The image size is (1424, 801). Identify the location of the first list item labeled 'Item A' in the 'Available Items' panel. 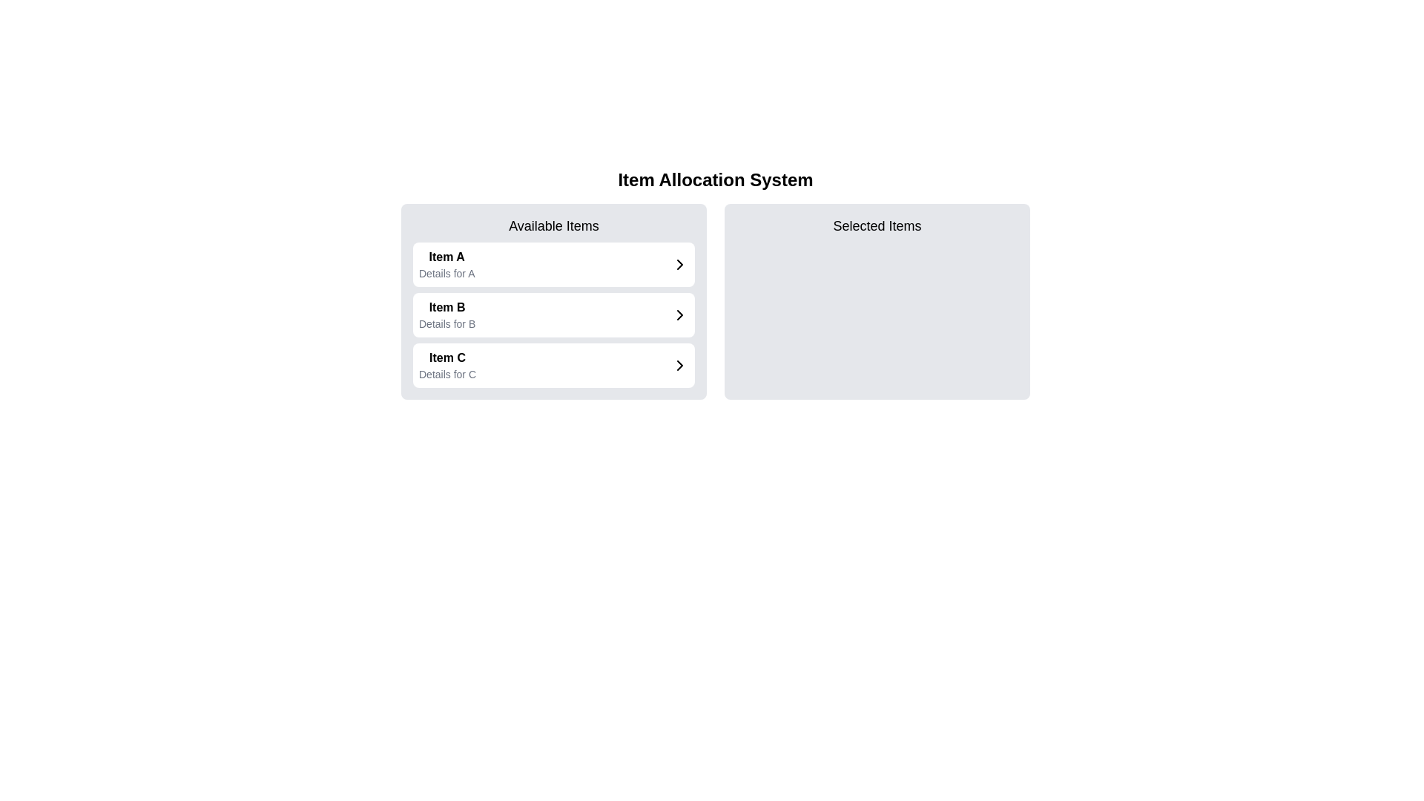
(446, 264).